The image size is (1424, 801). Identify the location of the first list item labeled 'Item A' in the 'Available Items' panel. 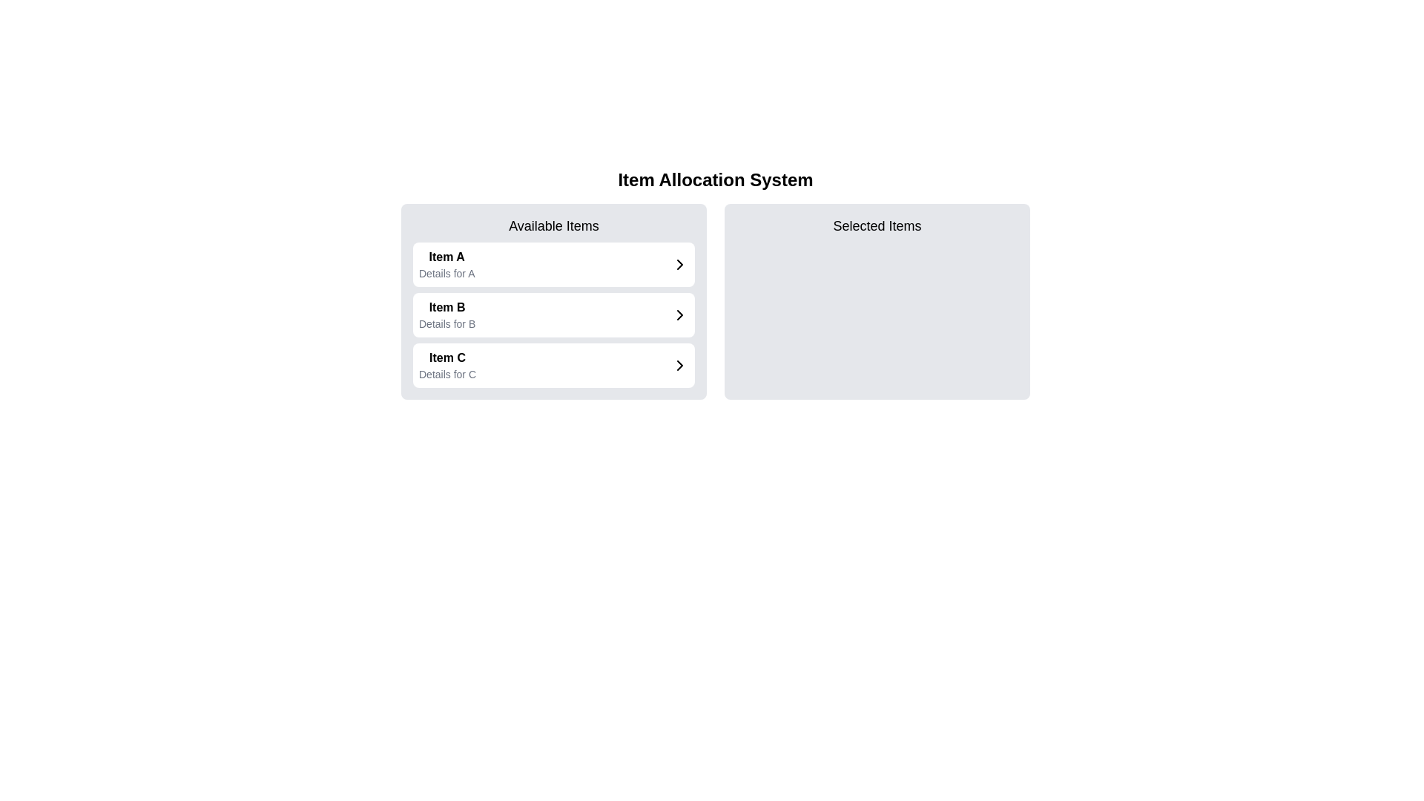
(446, 264).